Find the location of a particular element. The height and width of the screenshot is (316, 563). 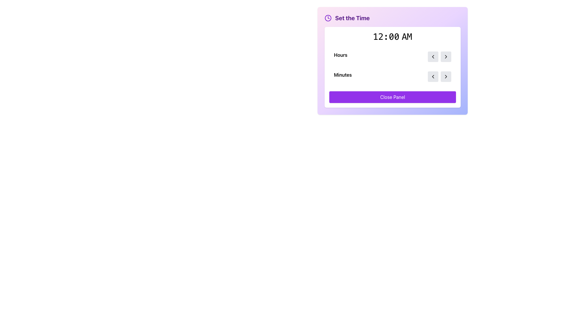

the SVG Circle that represents the circular boundary of the clock icon in the top-left section of the 'Set the Time' panel is located at coordinates (328, 18).